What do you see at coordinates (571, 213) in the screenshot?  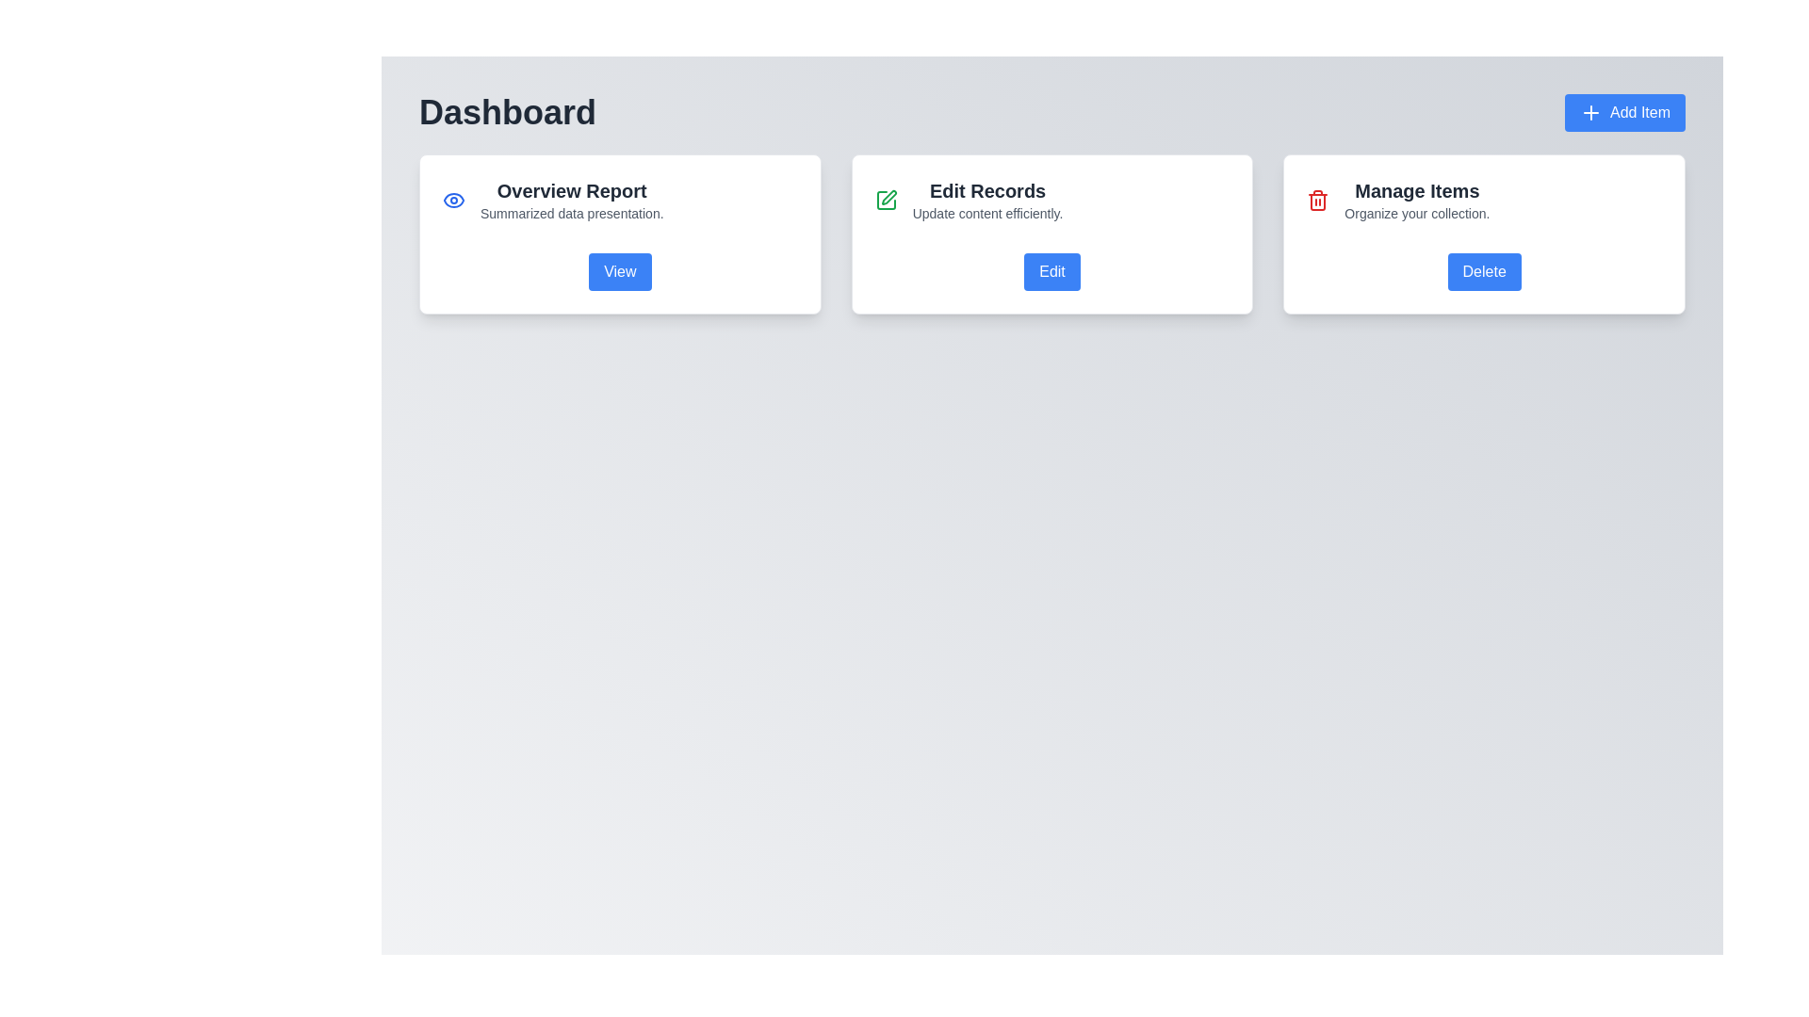 I see `the static text label displaying 'Summarized data presentation.' in gray font, located directly beneath the bold title 'Overview Report' within the first card of the Dashboard interface` at bounding box center [571, 213].